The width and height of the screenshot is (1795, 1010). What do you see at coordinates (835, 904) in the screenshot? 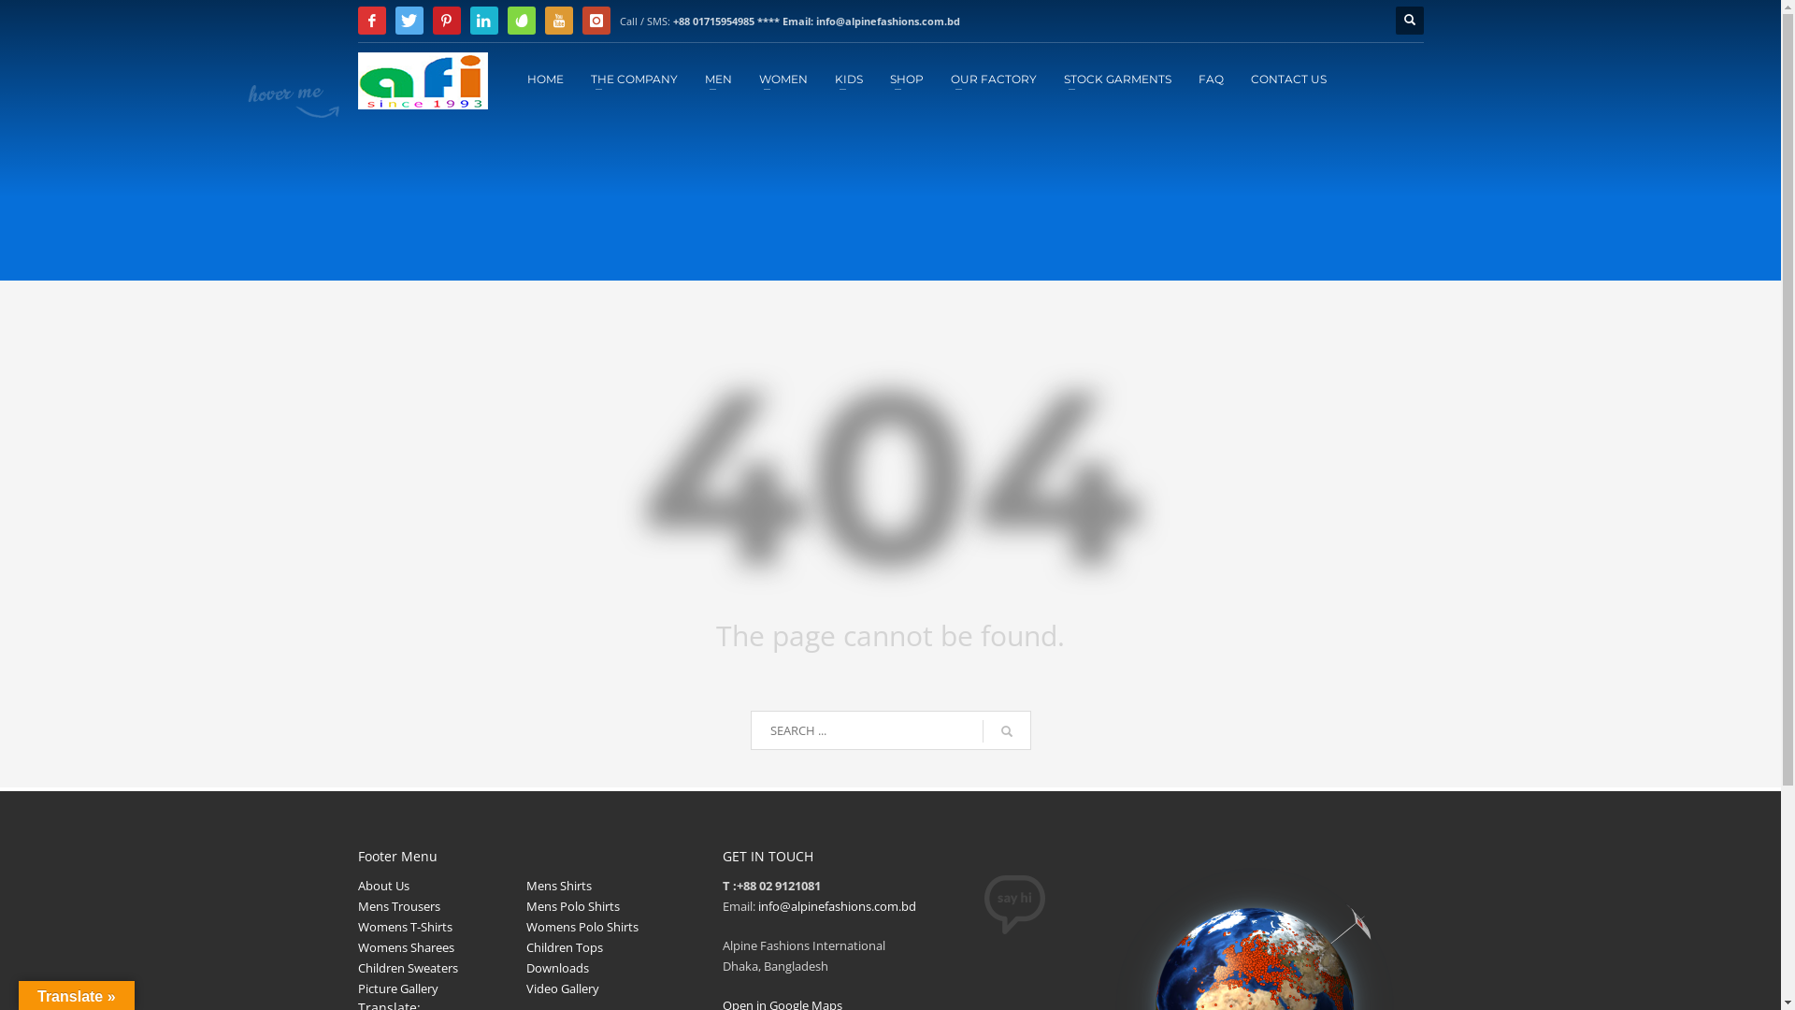
I see `'info@alpinefashions.com.bd'` at bounding box center [835, 904].